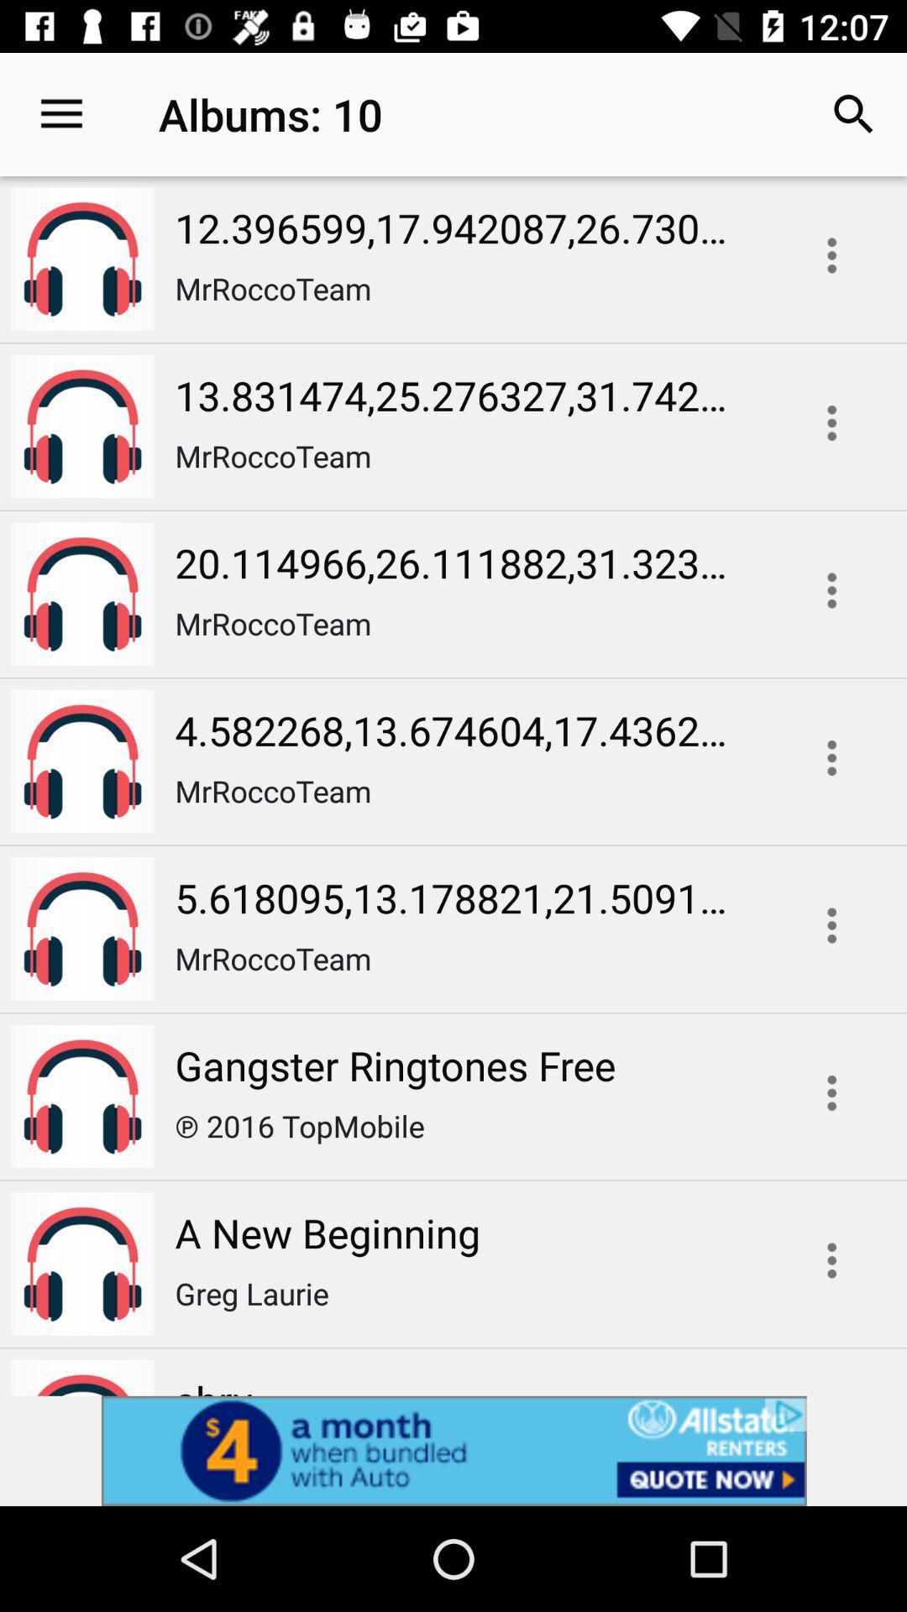 Image resolution: width=907 pixels, height=1612 pixels. What do you see at coordinates (831, 590) in the screenshot?
I see `menu` at bounding box center [831, 590].